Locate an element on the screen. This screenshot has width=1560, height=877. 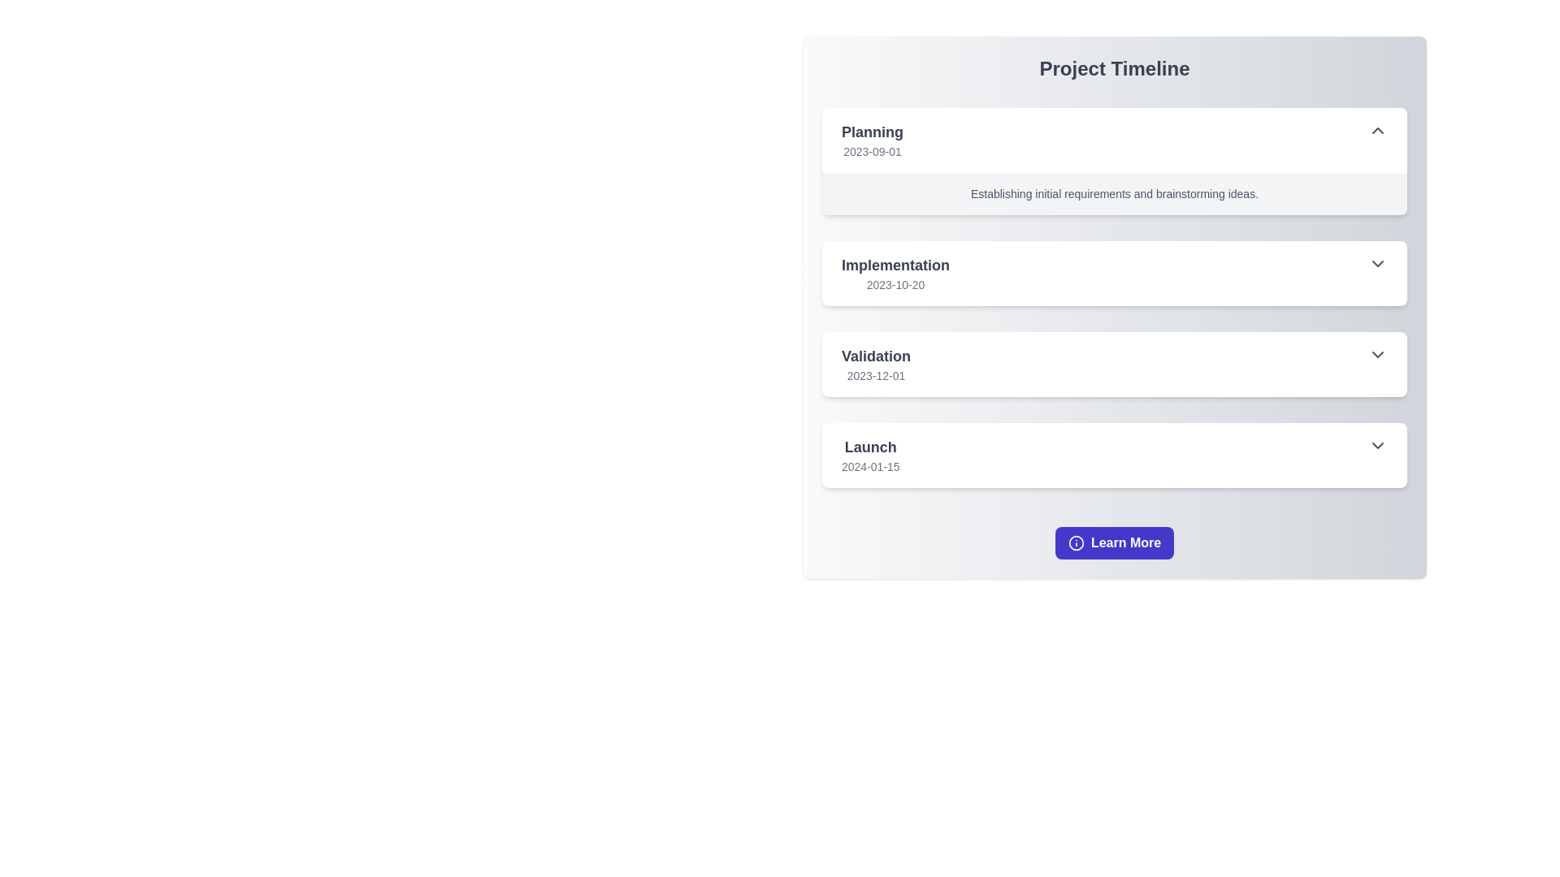
the text label 'Implementation' which is displayed in bold, large font and gray color, positioned prominently within the 'Implementation' section of the timeline is located at coordinates (895, 265).